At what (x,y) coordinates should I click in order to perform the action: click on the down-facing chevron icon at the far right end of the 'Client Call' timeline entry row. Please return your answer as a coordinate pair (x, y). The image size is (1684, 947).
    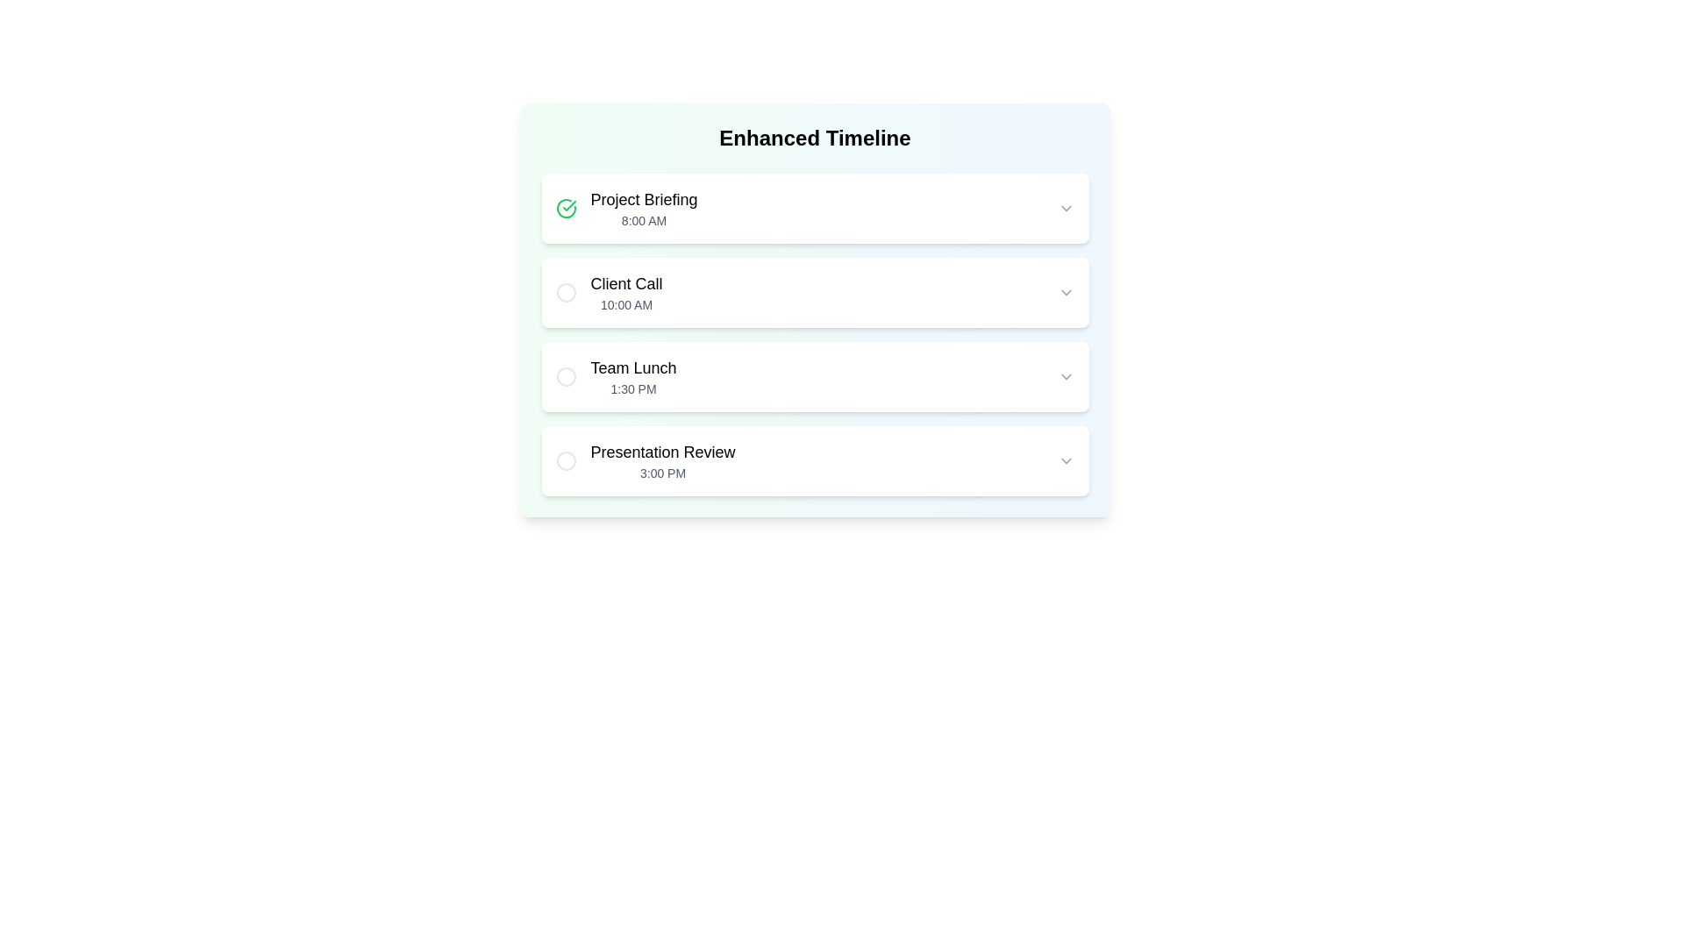
    Looking at the image, I should click on (1065, 292).